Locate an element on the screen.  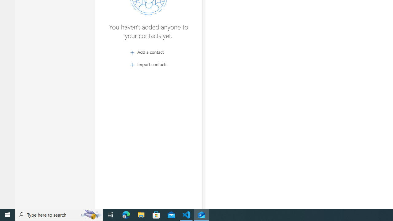
'Add a contact' is located at coordinates (148, 52).